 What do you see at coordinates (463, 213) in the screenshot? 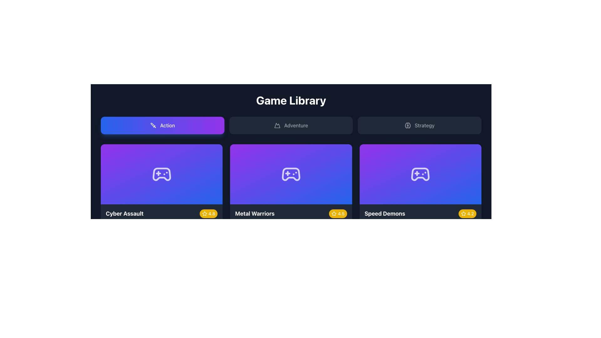
I see `the star icon within the circular badge displaying '4.2' located in the bottom right corner of the 'Speed Demons' game panel, which is the third panel in the bottom row` at bounding box center [463, 213].